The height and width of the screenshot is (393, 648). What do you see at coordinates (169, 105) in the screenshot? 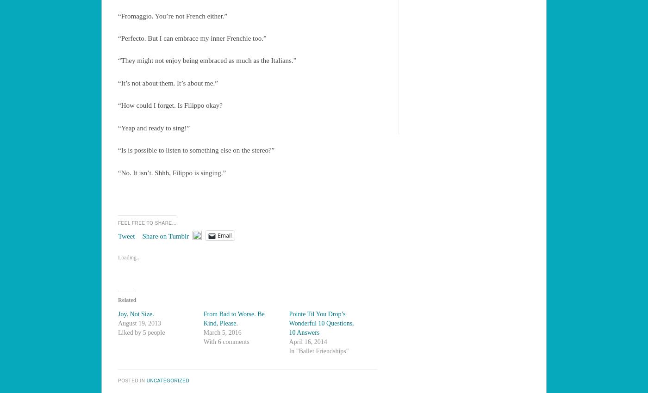
I see `'“How could I forget. Is Filippo okay?'` at bounding box center [169, 105].